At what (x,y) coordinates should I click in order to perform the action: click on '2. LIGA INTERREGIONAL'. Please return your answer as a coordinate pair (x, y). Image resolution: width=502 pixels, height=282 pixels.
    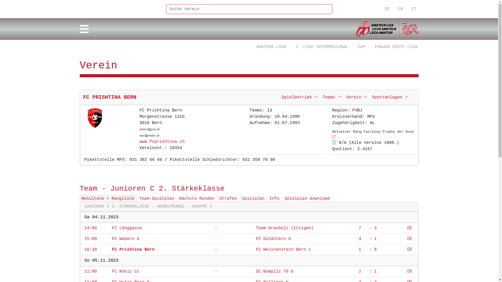
    Looking at the image, I should click on (322, 47).